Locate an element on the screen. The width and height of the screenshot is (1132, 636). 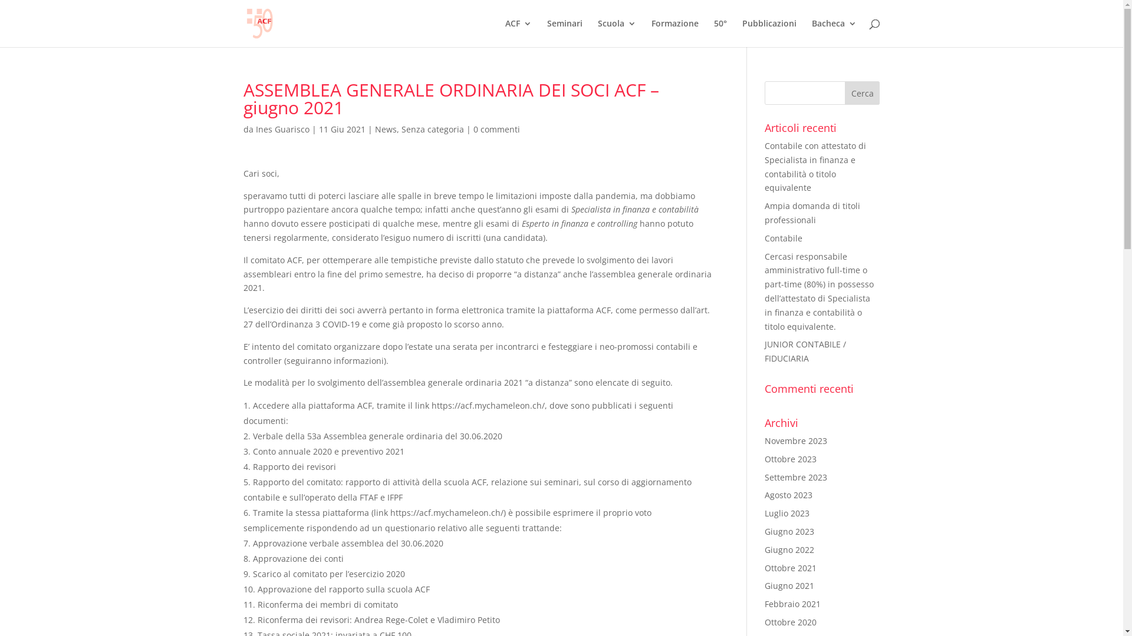
'Cerca' is located at coordinates (863, 92).